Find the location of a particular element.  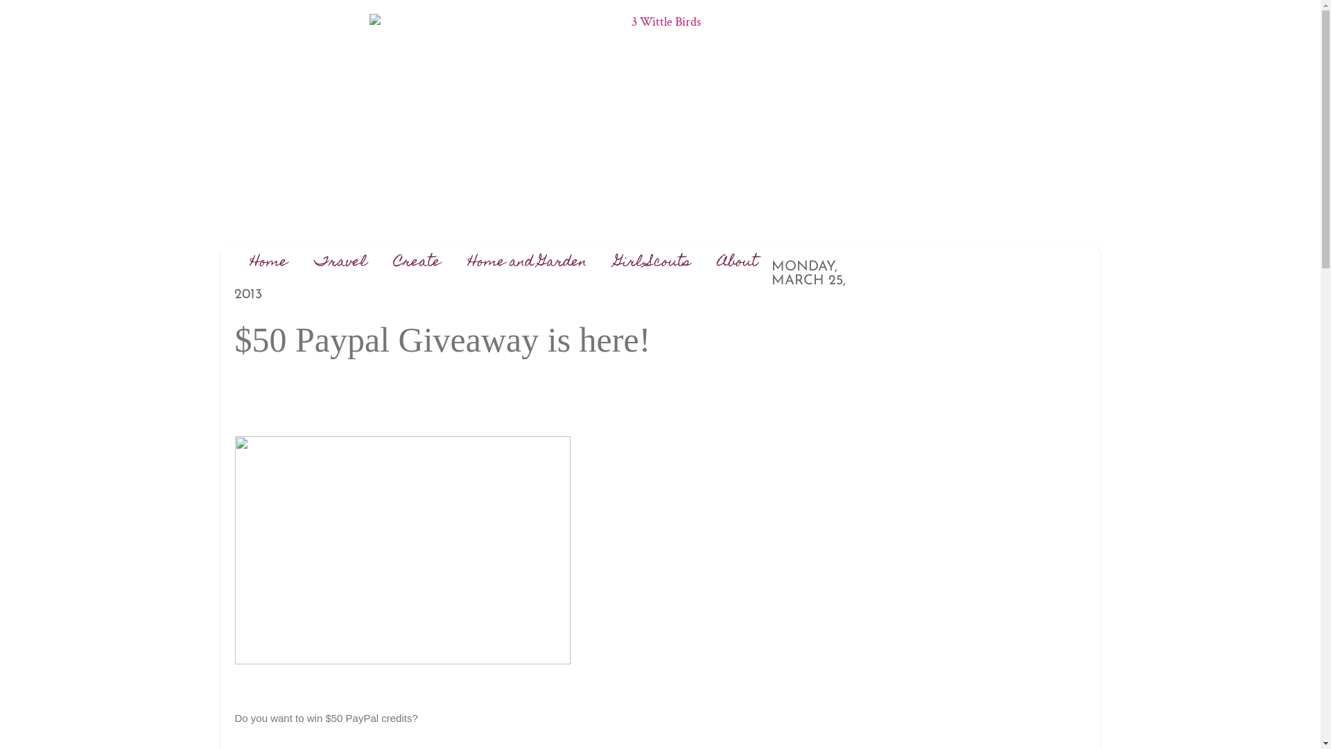

'Create' is located at coordinates (381, 262).